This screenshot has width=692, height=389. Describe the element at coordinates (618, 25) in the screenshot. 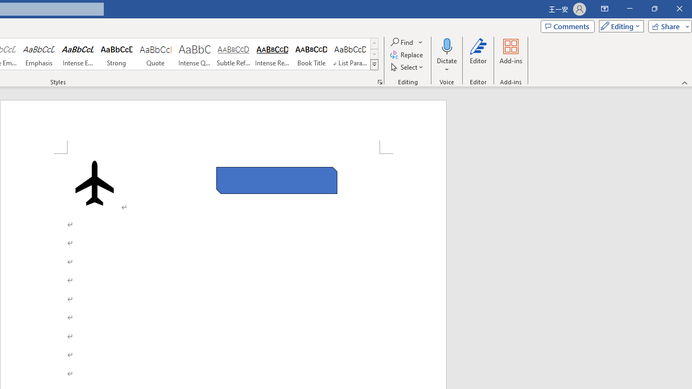

I see `'Editing'` at that location.